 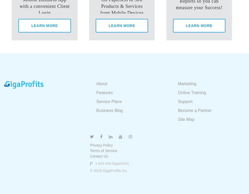 I want to click on 'Contact Us', so click(x=99, y=156).